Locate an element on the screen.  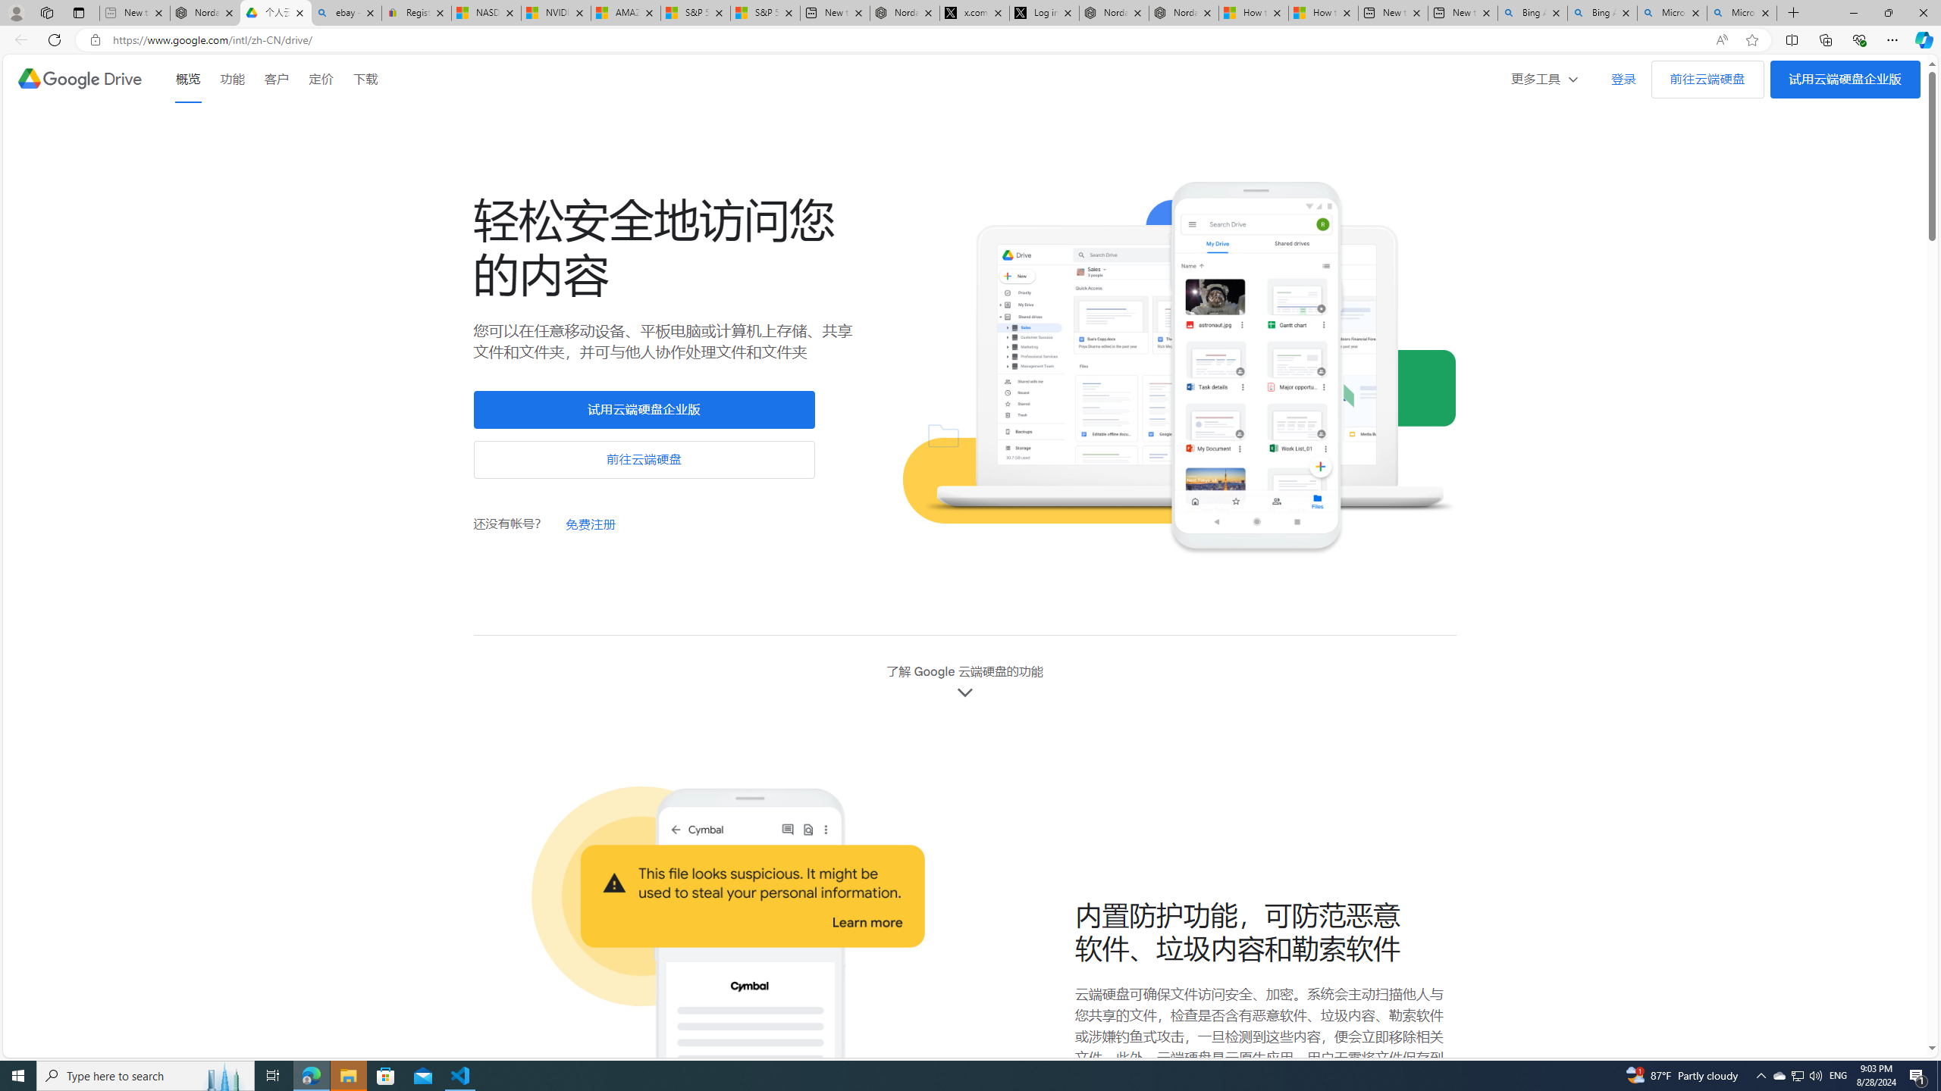
'Google Drive' is located at coordinates (78, 78).